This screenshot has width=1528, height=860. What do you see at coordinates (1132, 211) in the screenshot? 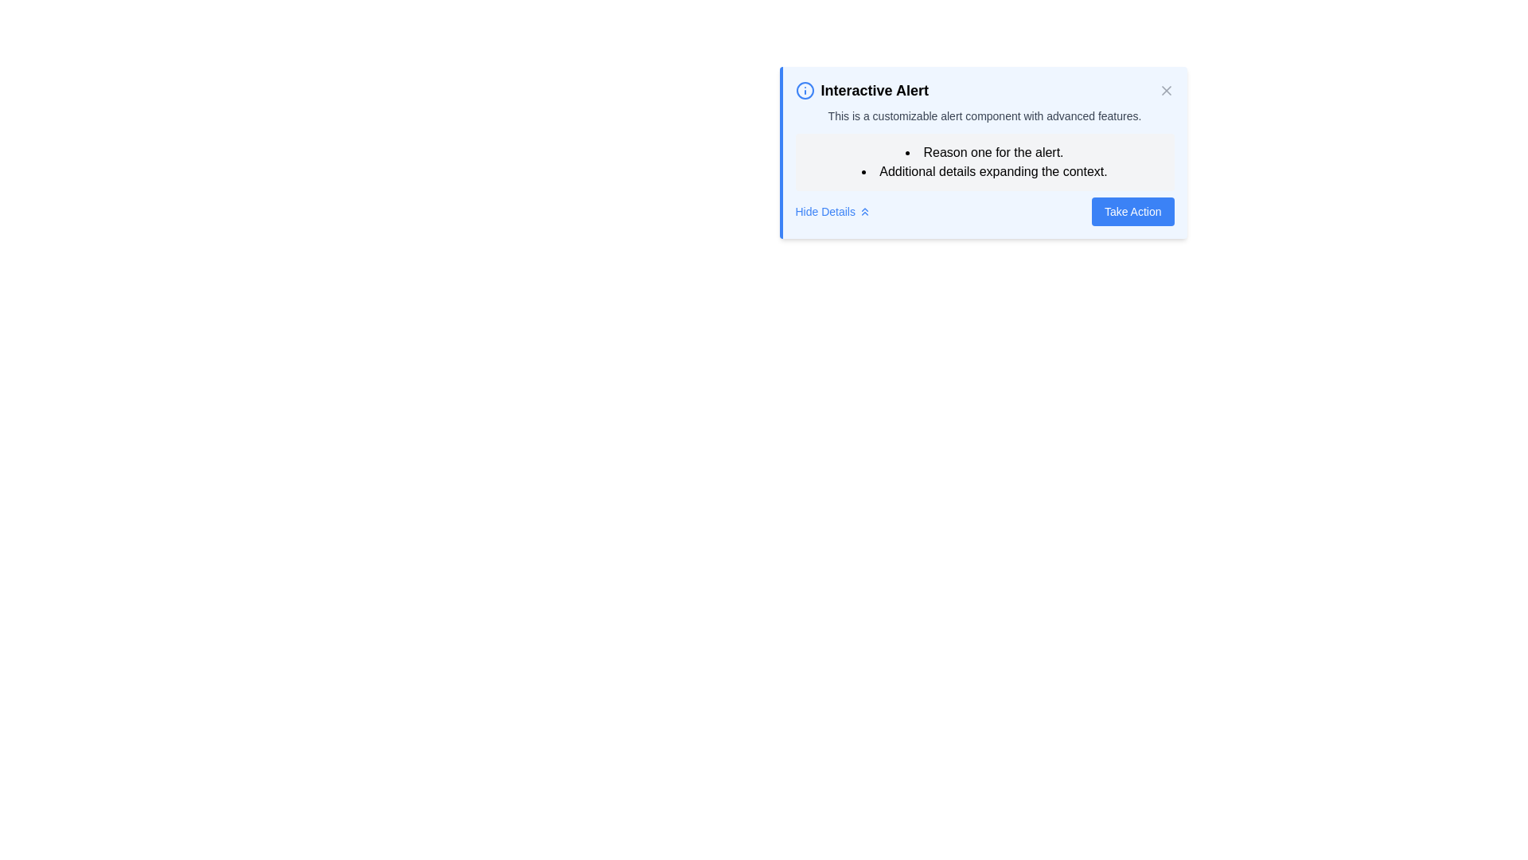
I see `the rectangular button with a blue background and white text that reads 'Take Action'` at bounding box center [1132, 211].